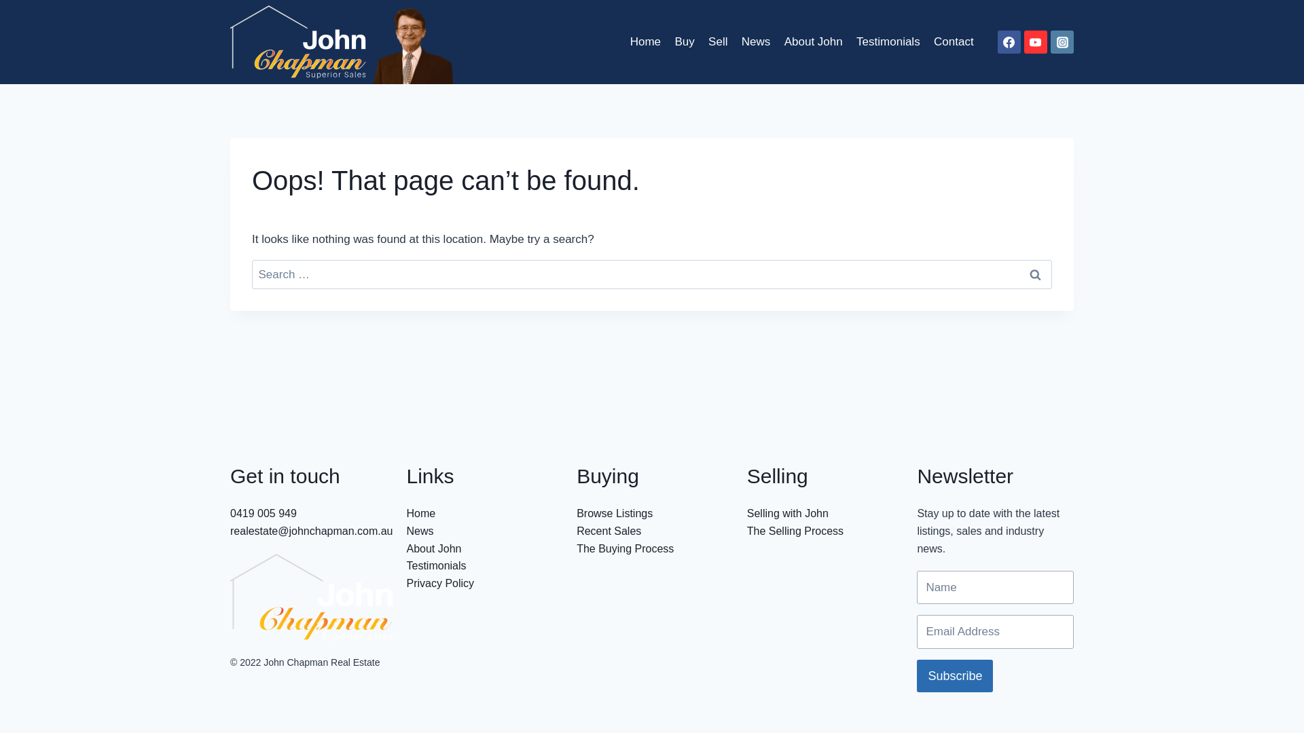 Image resolution: width=1304 pixels, height=733 pixels. Describe the element at coordinates (953, 41) in the screenshot. I see `'Contact'` at that location.